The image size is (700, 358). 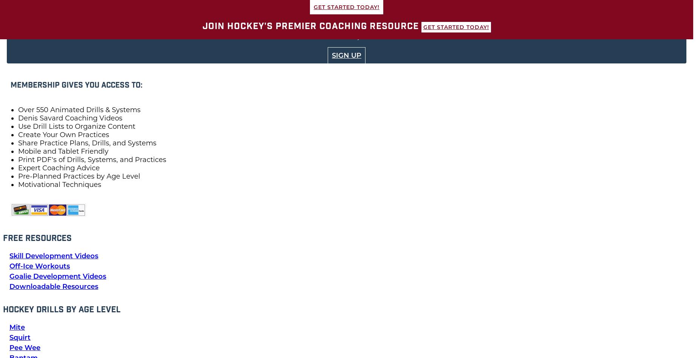 I want to click on 'Mobile and Tablet Friendly', so click(x=63, y=151).